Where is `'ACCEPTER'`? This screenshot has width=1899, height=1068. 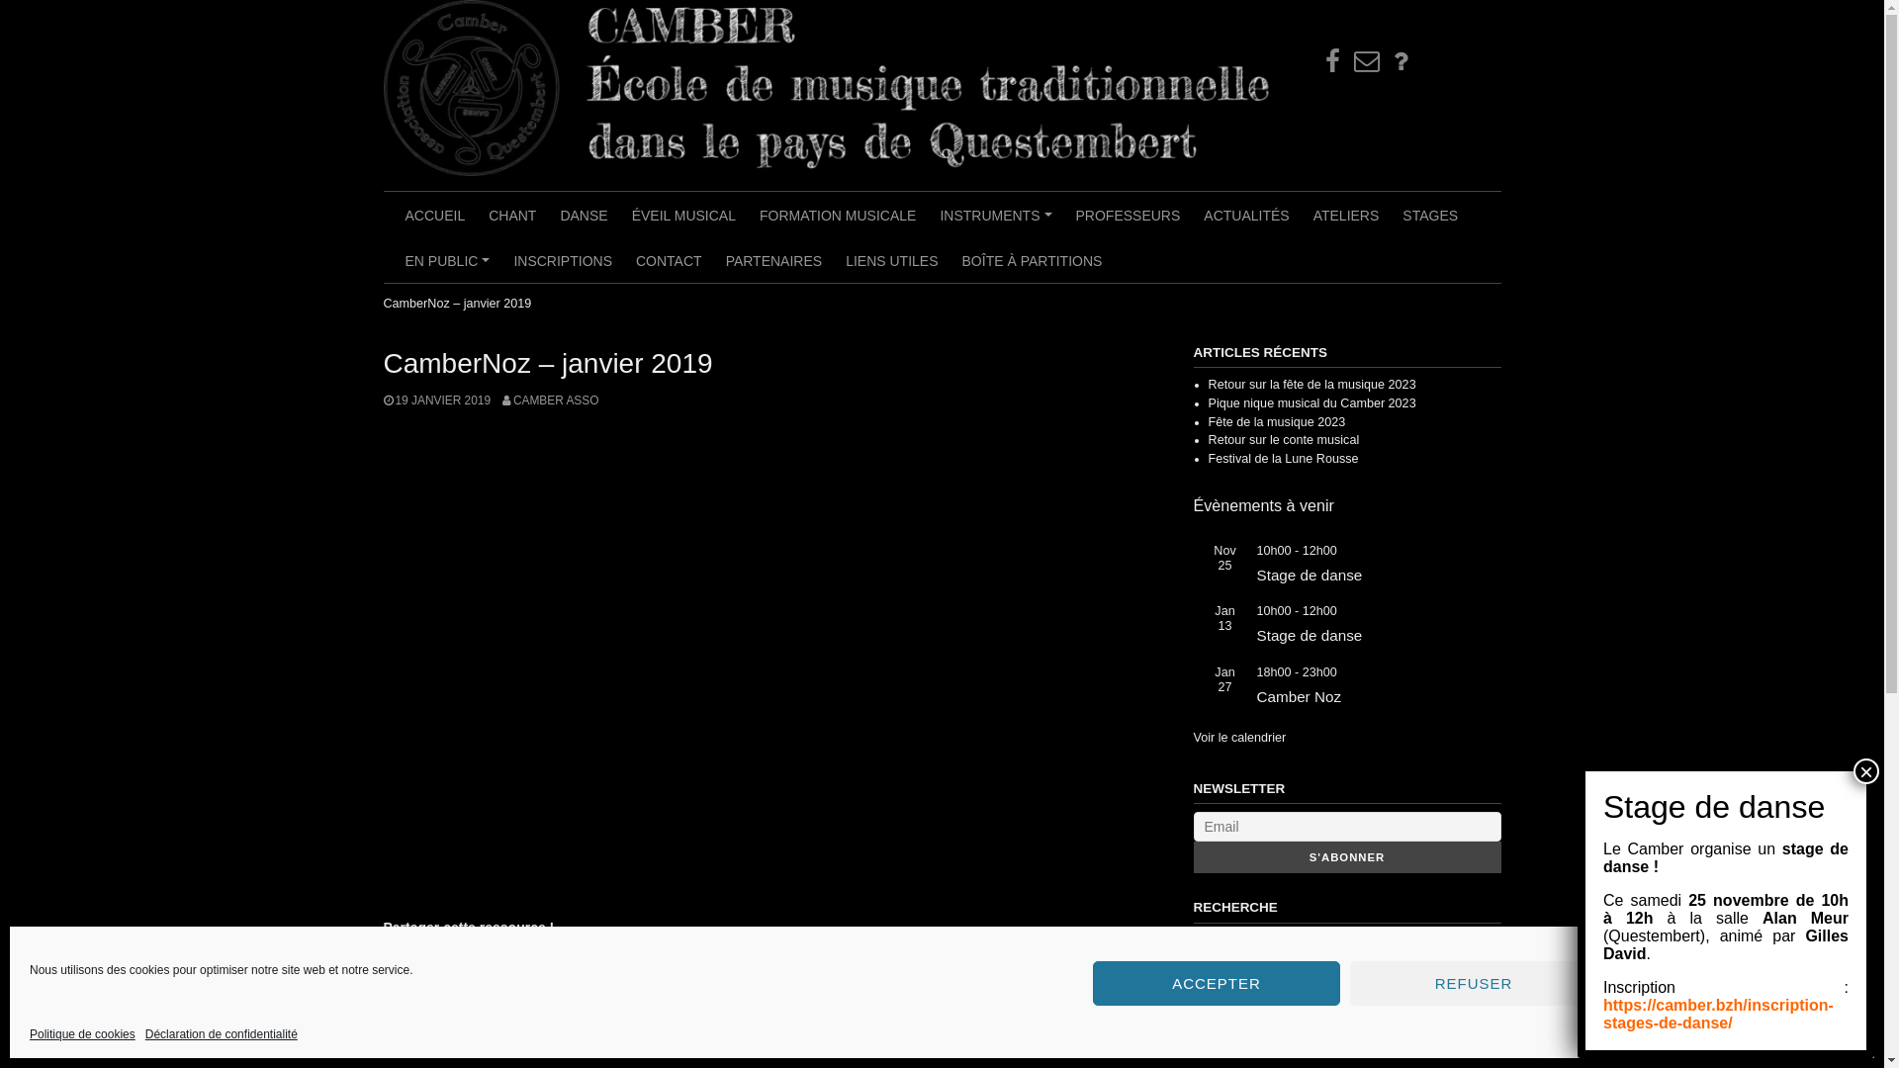
'ACCEPTER' is located at coordinates (1215, 983).